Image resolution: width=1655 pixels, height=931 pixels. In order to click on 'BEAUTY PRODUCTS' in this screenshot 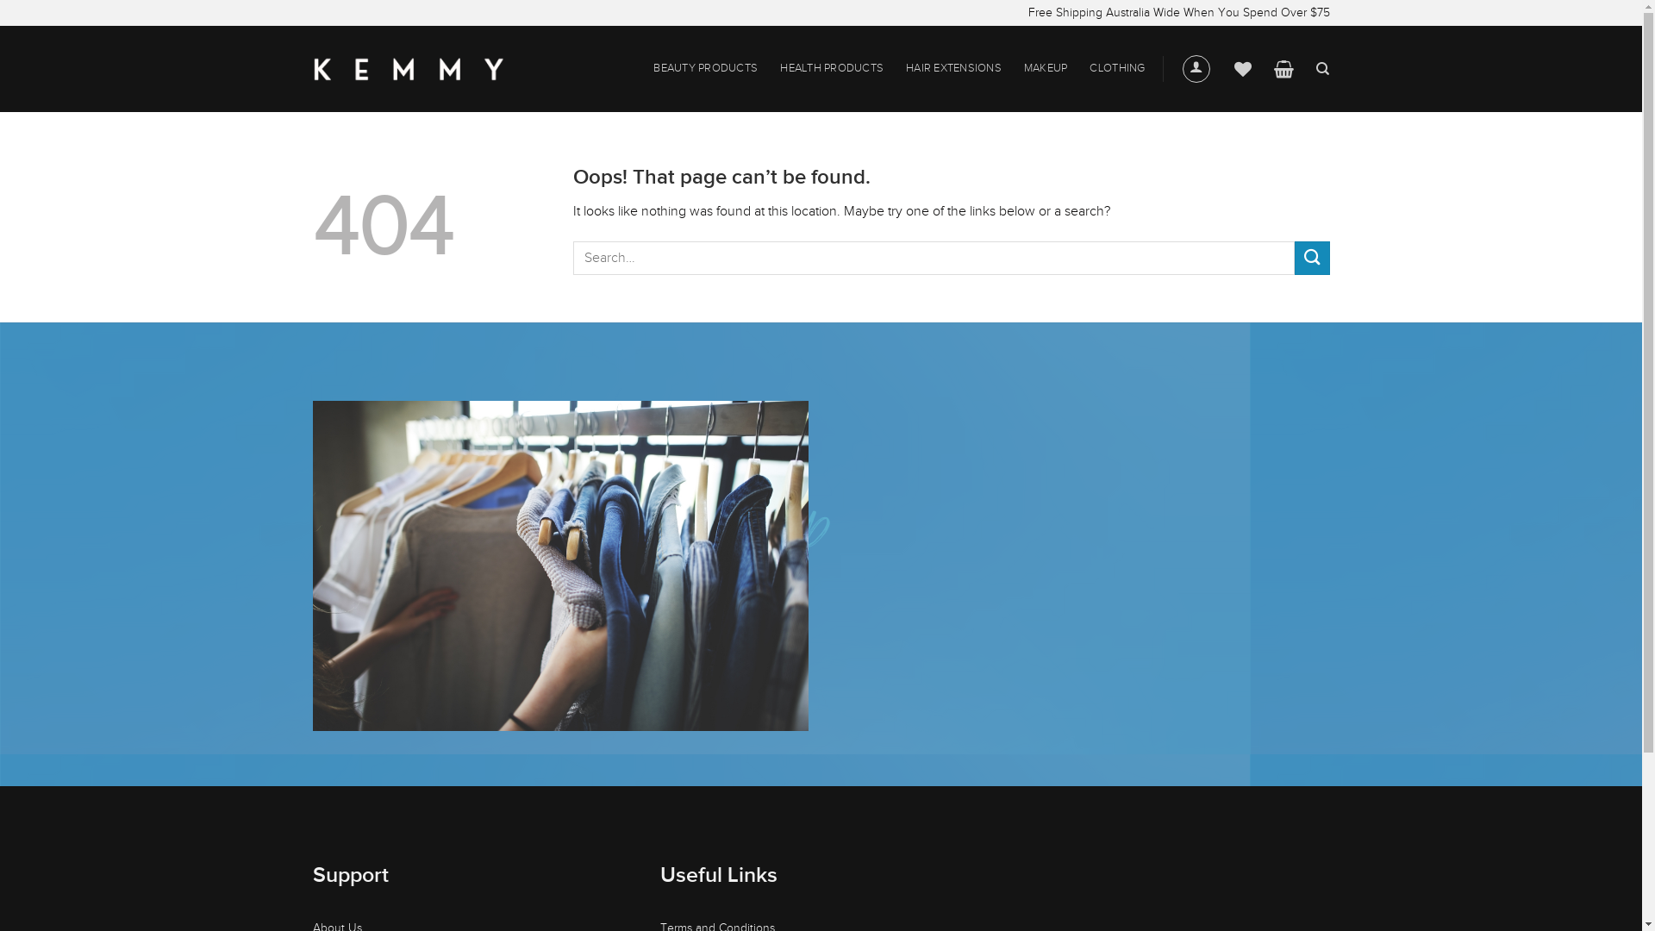, I will do `click(705, 68)`.